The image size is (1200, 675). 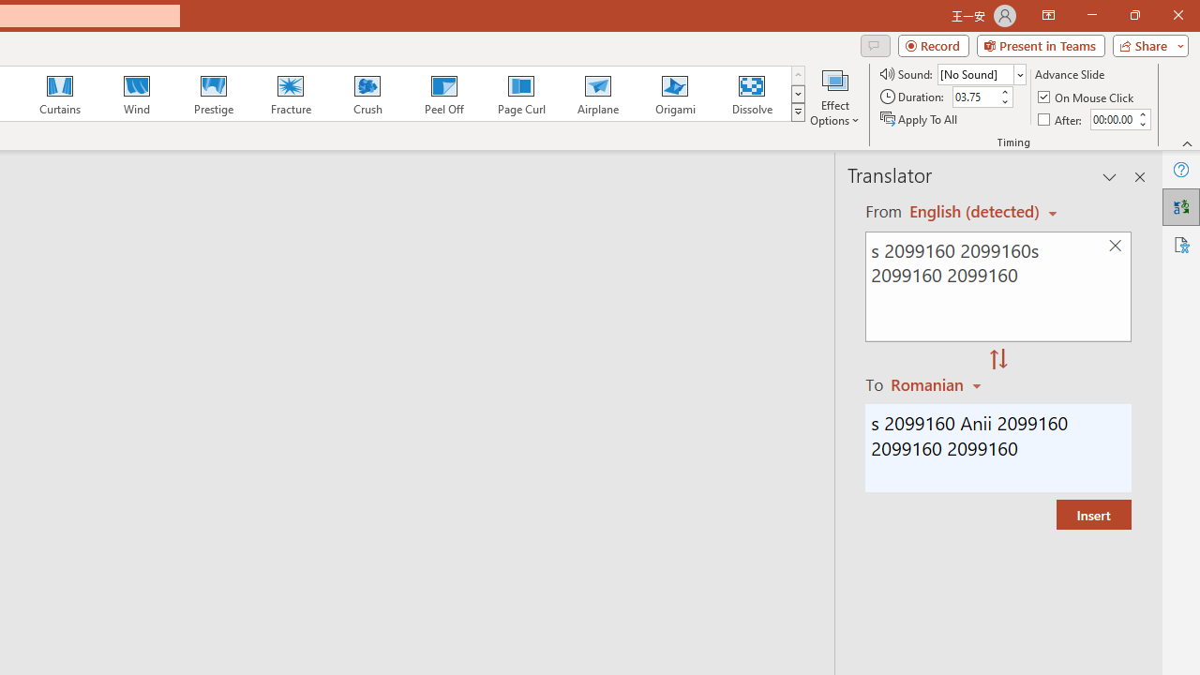 What do you see at coordinates (975, 211) in the screenshot?
I see `'Czech (detected)'` at bounding box center [975, 211].